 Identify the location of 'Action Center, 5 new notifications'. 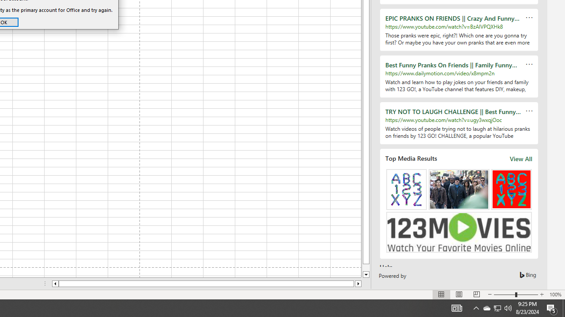
(552, 307).